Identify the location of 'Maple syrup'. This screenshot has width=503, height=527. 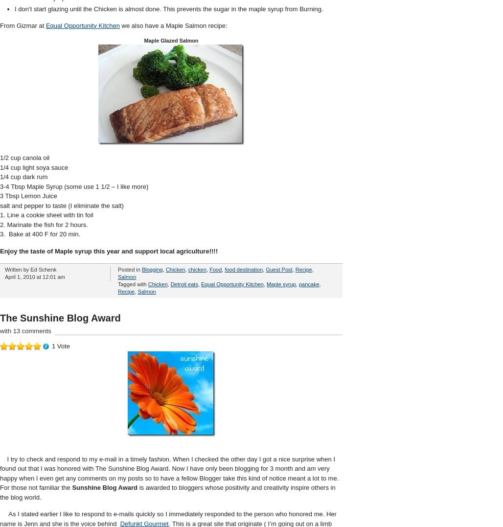
(266, 284).